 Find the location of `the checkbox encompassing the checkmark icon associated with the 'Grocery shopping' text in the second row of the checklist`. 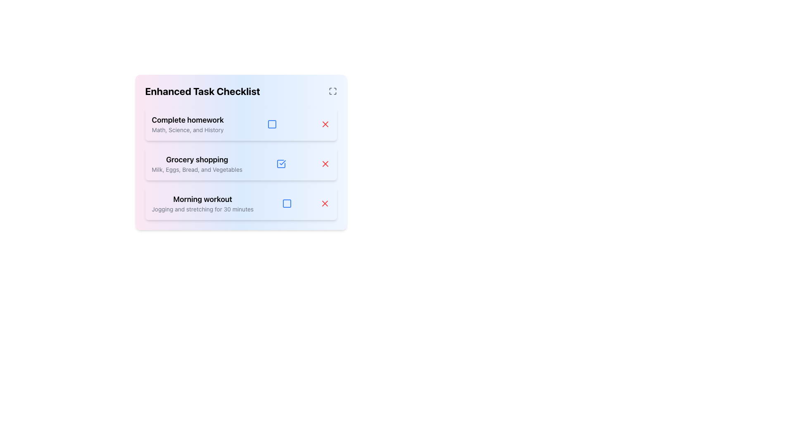

the checkbox encompassing the checkmark icon associated with the 'Grocery shopping' text in the second row of the checklist is located at coordinates (281, 164).